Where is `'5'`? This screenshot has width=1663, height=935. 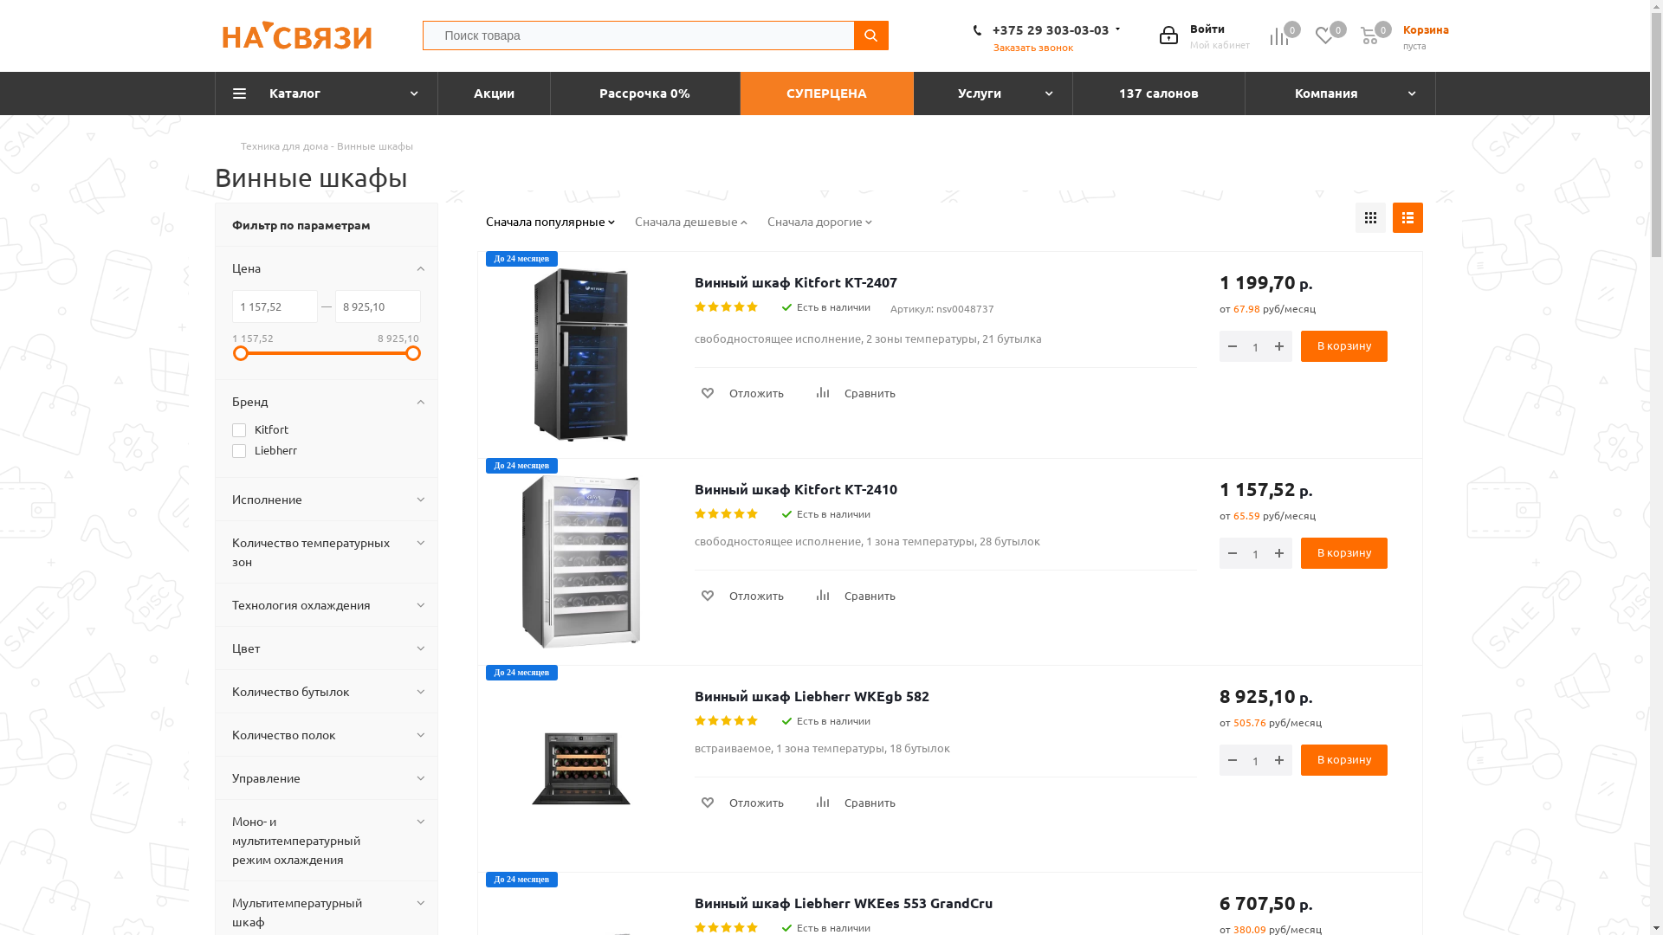
'5' is located at coordinates (753, 306).